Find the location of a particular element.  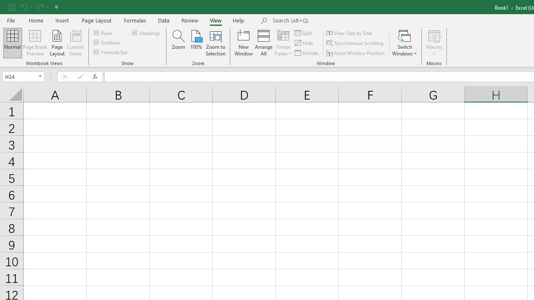

'Headings' is located at coordinates (147, 32).